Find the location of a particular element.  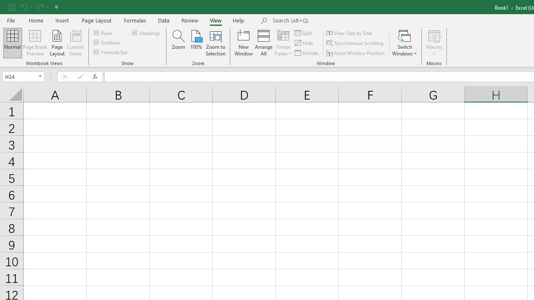

'Headings' is located at coordinates (147, 32).